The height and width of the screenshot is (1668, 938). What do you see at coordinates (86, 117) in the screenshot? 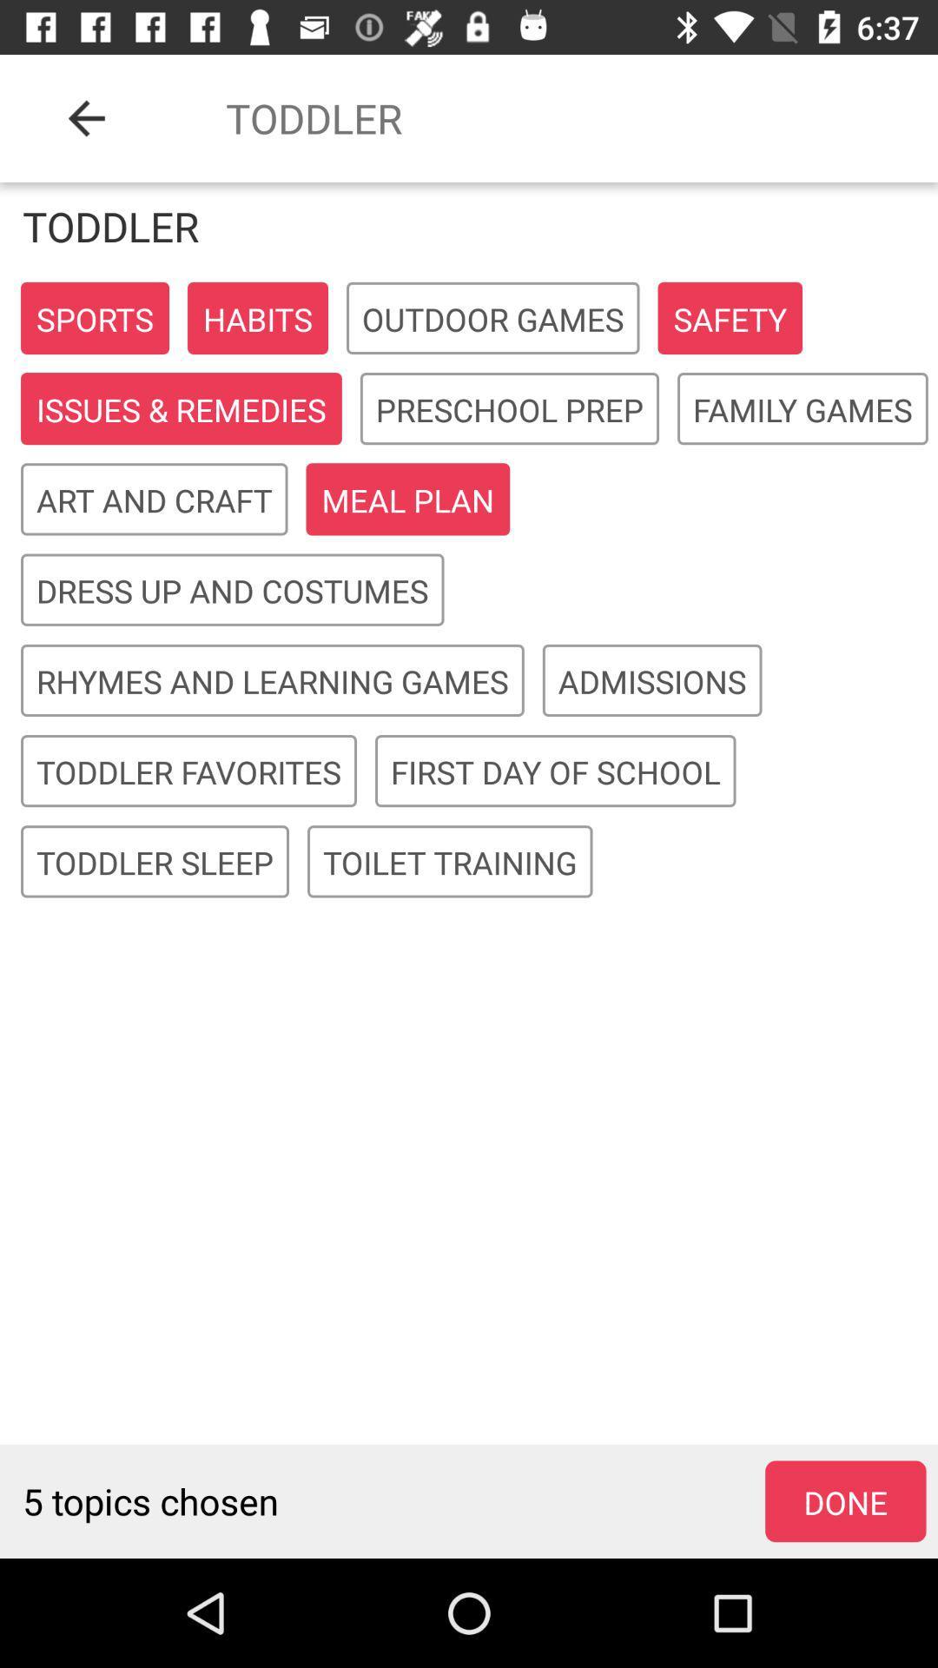
I see `go back` at bounding box center [86, 117].